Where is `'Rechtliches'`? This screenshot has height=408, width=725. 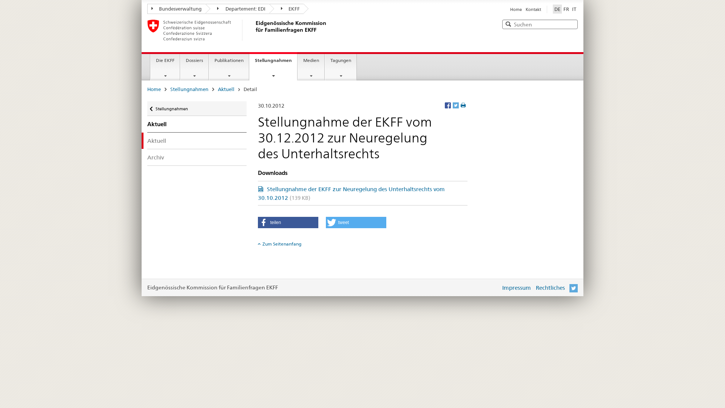
'Rechtliches' is located at coordinates (550, 287).